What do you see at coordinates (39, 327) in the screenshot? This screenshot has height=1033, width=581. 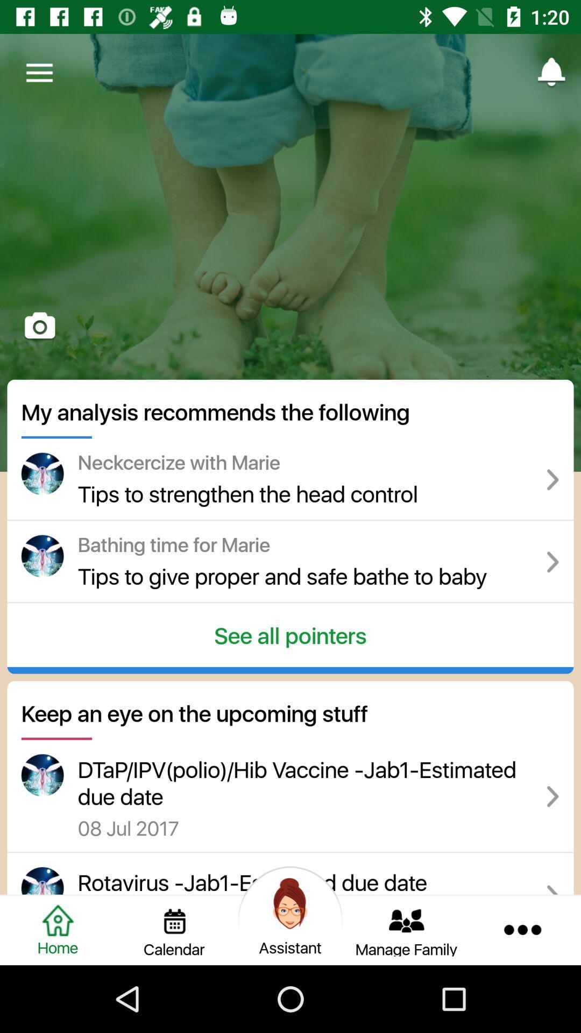 I see `the photo icon` at bounding box center [39, 327].